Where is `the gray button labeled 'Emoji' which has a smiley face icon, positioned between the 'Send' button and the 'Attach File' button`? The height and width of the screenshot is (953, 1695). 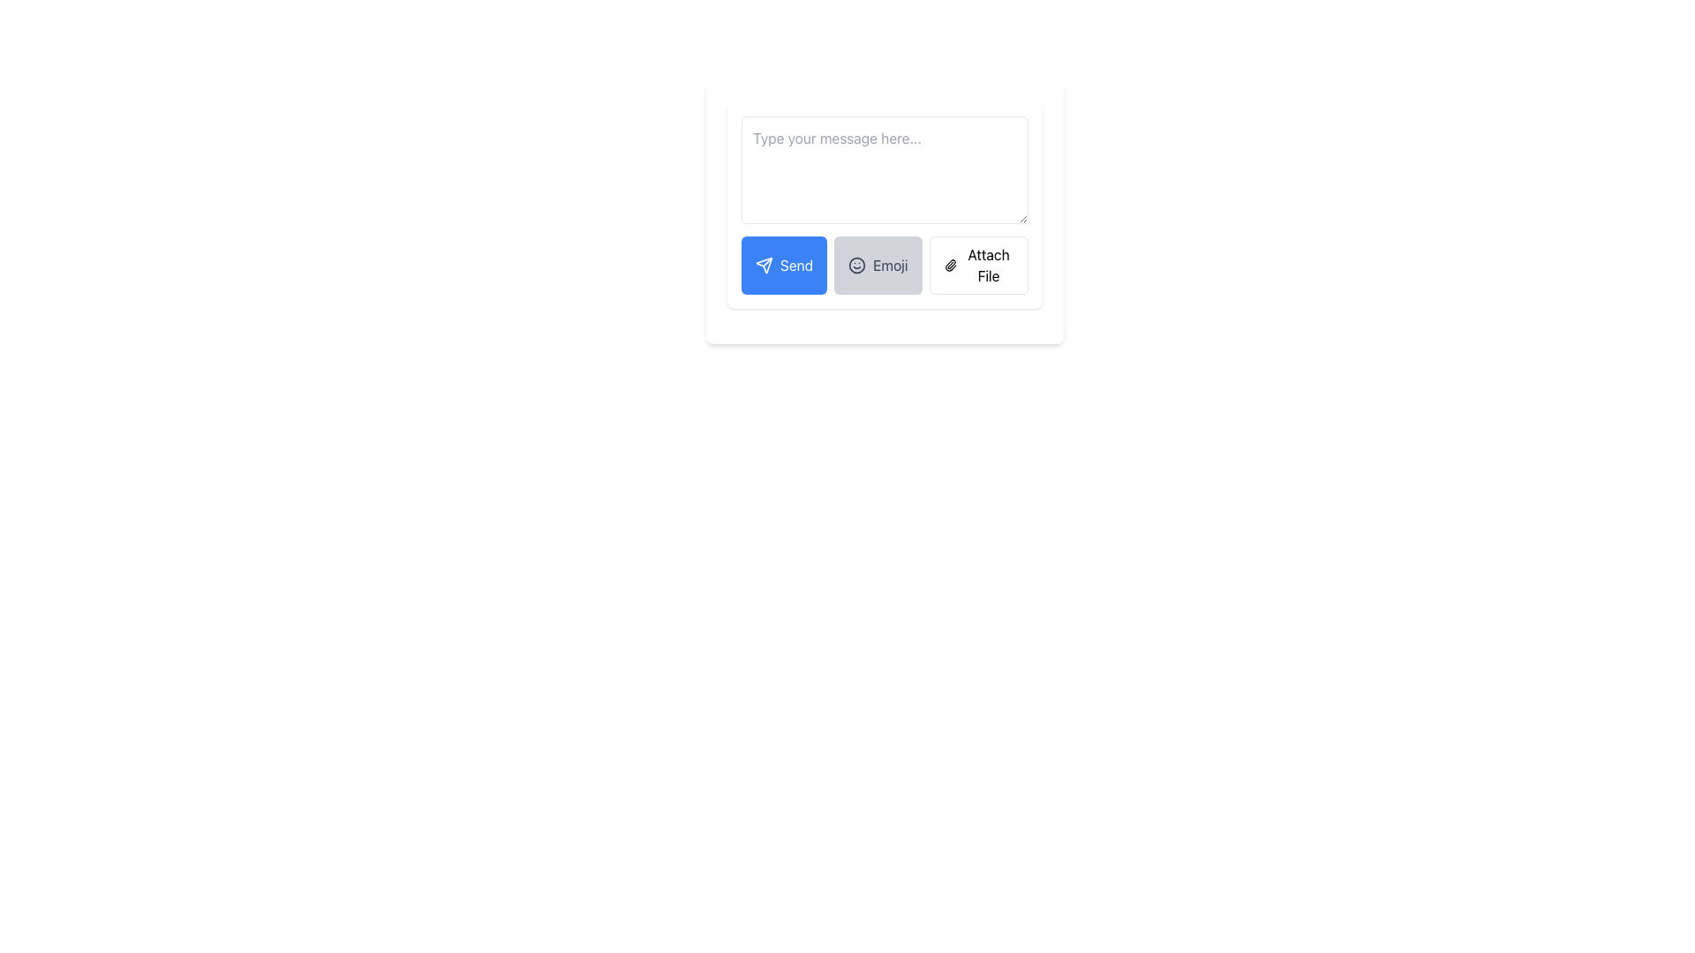 the gray button labeled 'Emoji' which has a smiley face icon, positioned between the 'Send' button and the 'Attach File' button is located at coordinates (878, 265).